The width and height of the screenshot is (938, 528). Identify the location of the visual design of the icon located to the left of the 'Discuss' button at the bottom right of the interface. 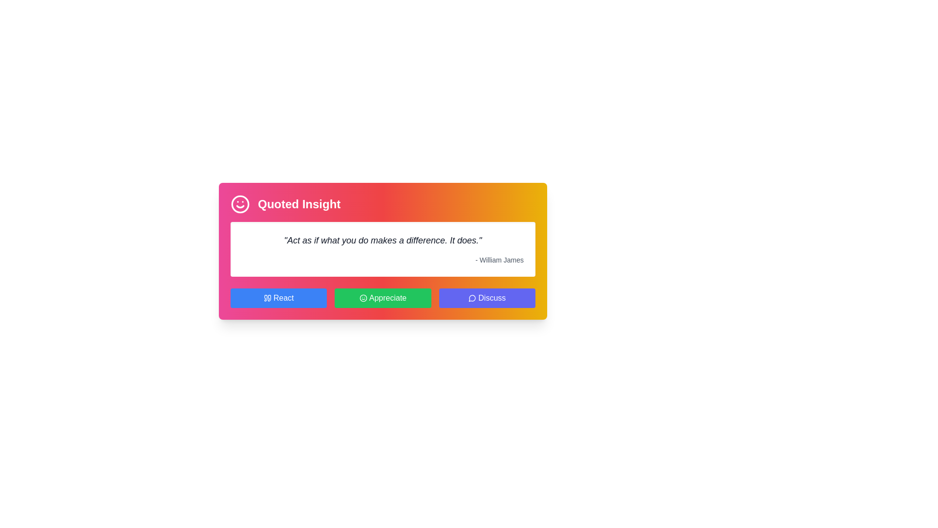
(472, 297).